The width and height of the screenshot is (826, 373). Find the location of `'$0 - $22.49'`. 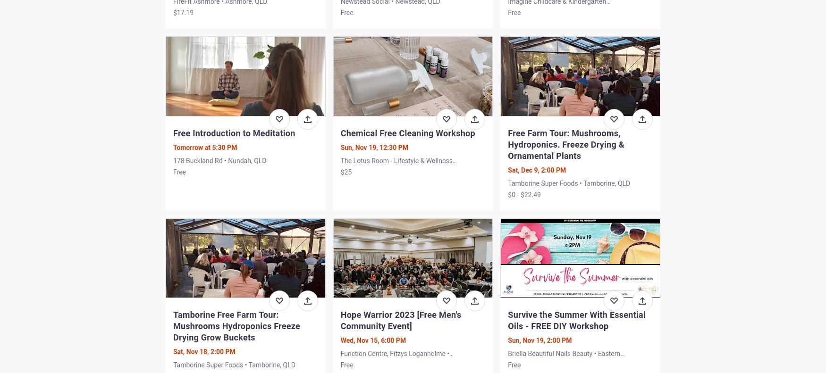

'$0 - $22.49' is located at coordinates (508, 194).